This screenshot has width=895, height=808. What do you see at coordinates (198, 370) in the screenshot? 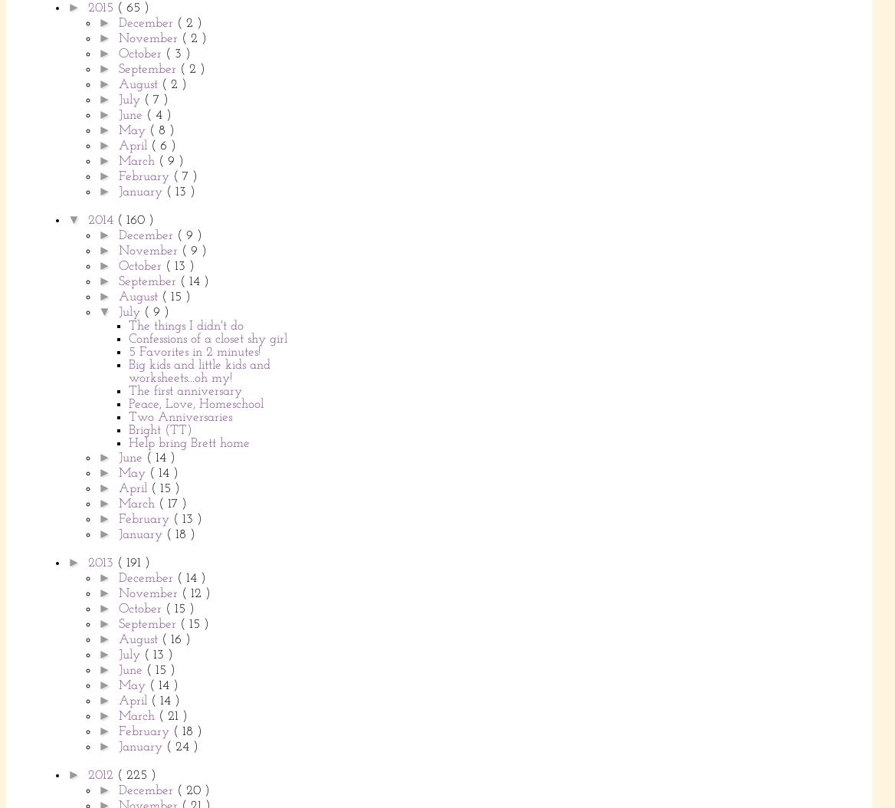
I see `'Big kids and little kids and worksheets...oh my!'` at bounding box center [198, 370].